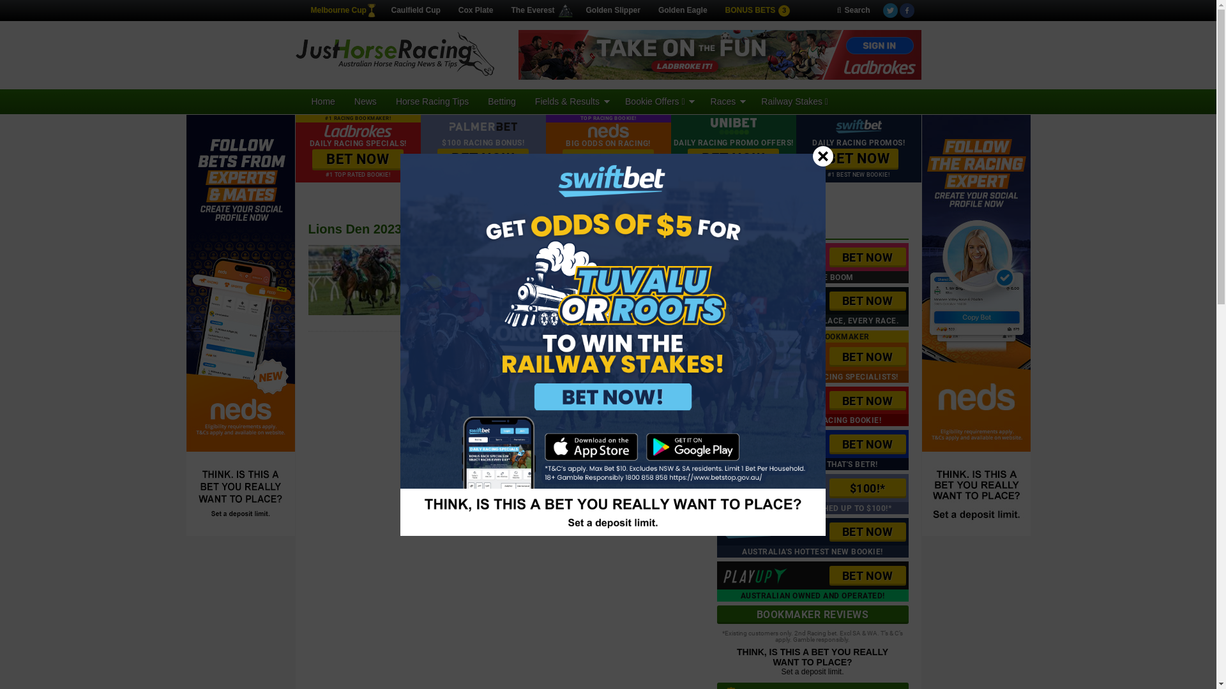 The width and height of the screenshot is (1226, 689). Describe the element at coordinates (812, 614) in the screenshot. I see `'BOOKMAKER REVIEWS'` at that location.